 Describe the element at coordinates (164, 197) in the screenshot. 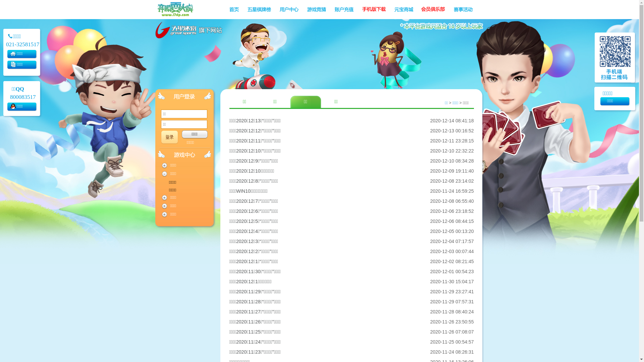

I see `'+'` at that location.